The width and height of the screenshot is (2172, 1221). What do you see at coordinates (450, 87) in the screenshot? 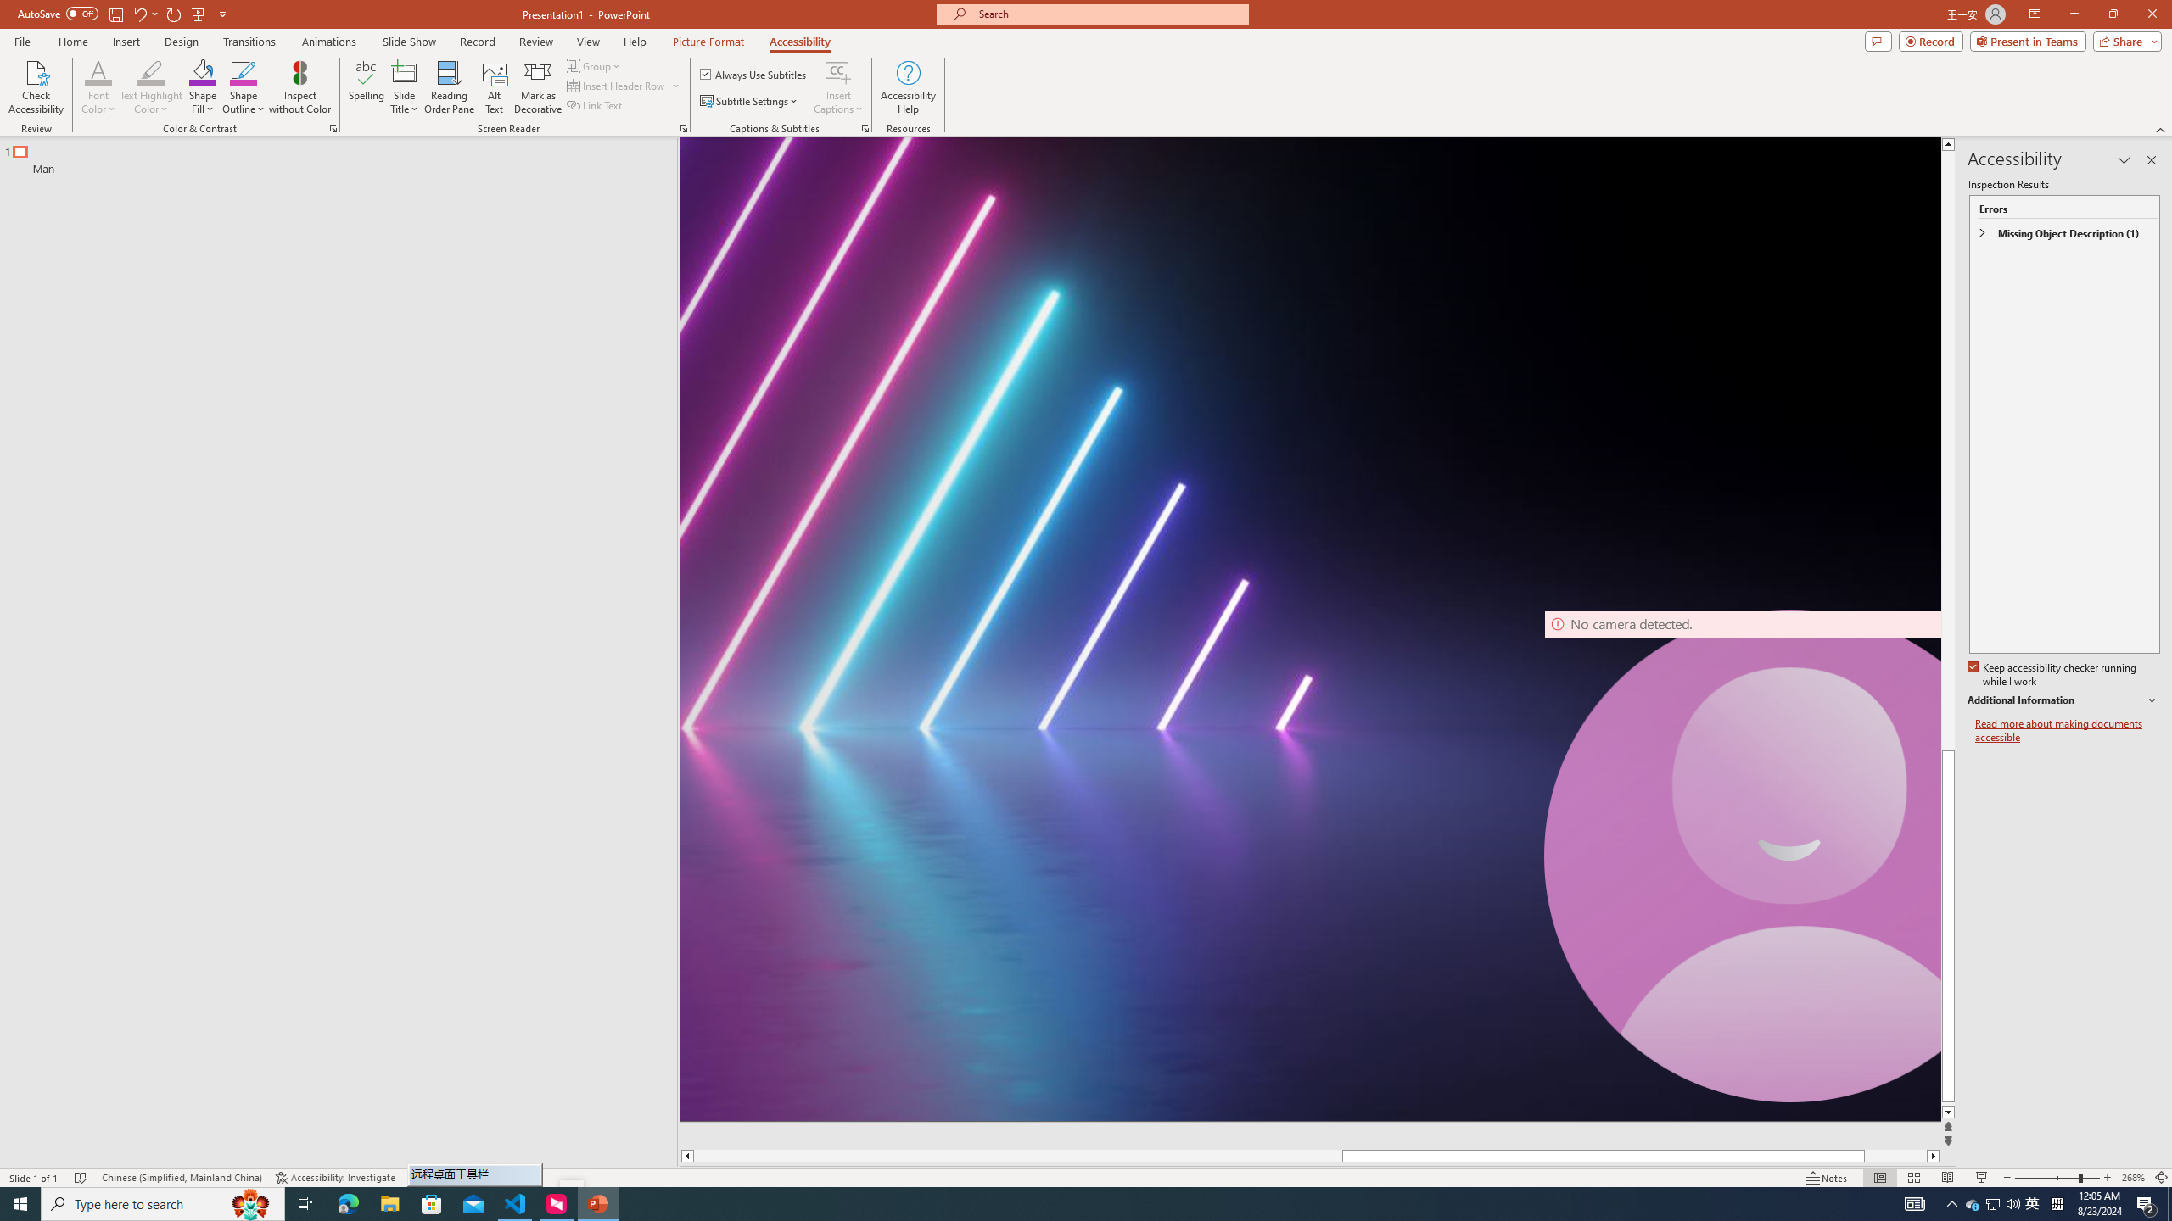
I see `'Reading Order Pane'` at bounding box center [450, 87].